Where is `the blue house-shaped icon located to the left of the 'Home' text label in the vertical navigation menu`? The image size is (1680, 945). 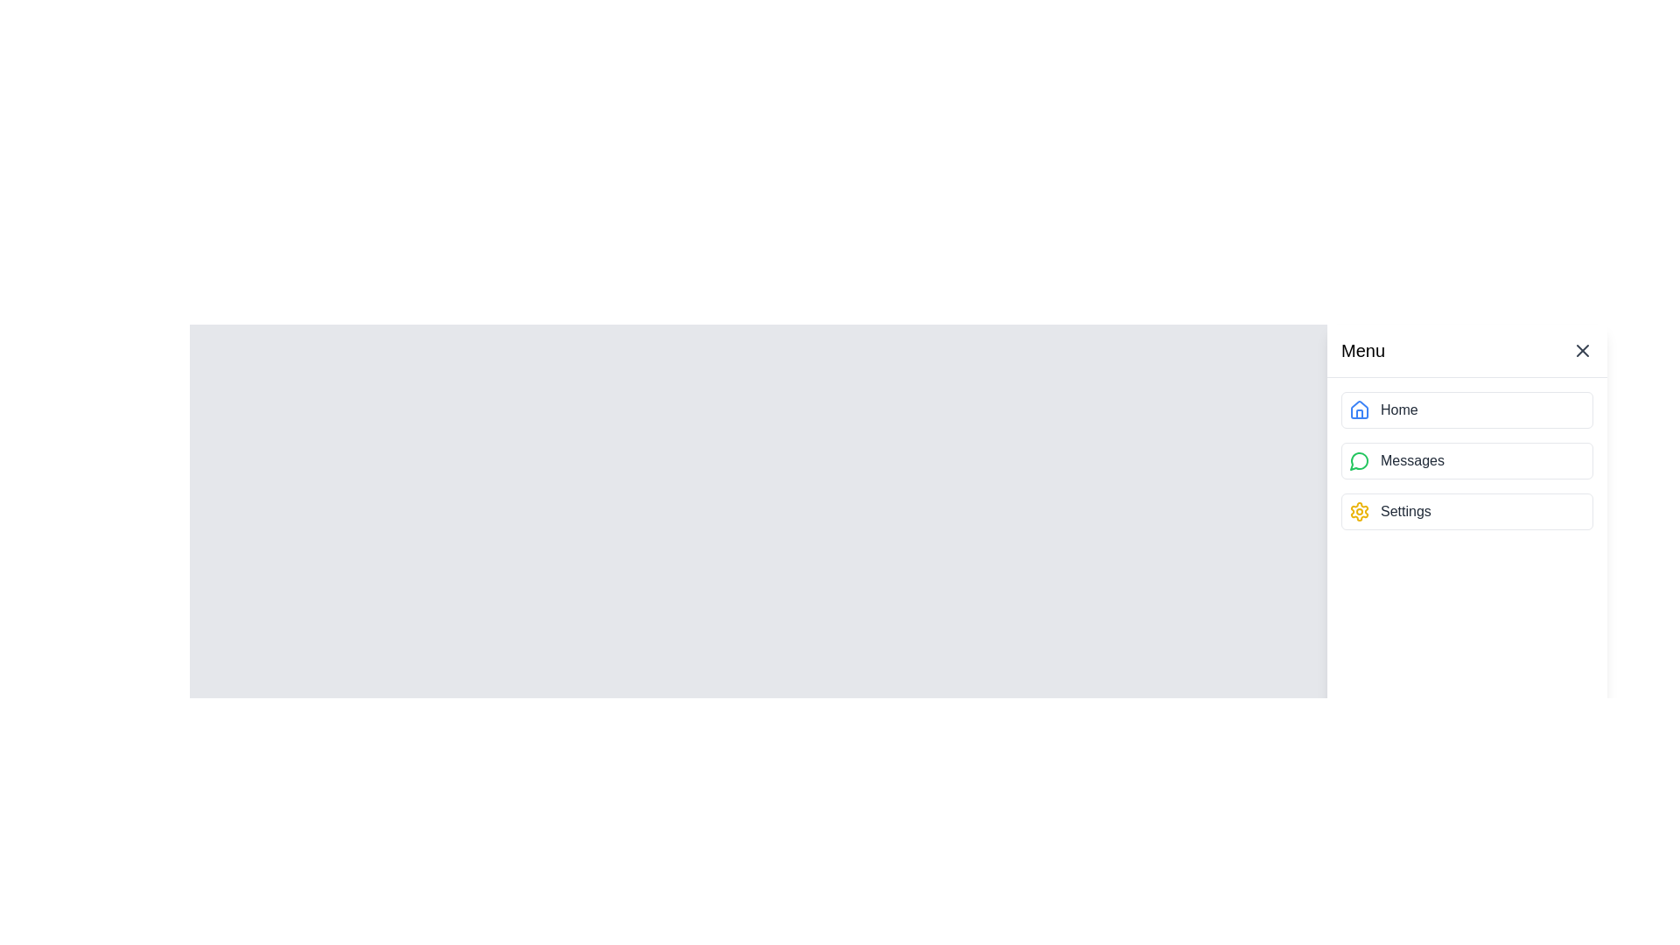 the blue house-shaped icon located to the left of the 'Home' text label in the vertical navigation menu is located at coordinates (1359, 410).